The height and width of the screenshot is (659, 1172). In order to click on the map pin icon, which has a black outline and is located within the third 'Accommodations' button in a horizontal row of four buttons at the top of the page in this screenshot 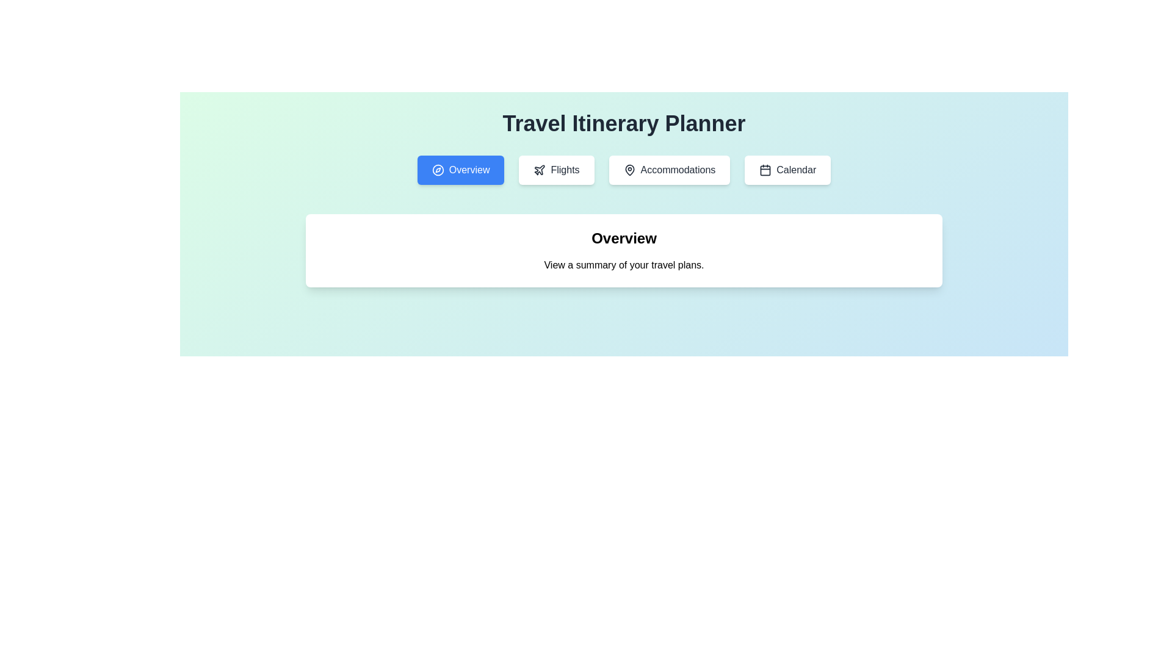, I will do `click(629, 170)`.